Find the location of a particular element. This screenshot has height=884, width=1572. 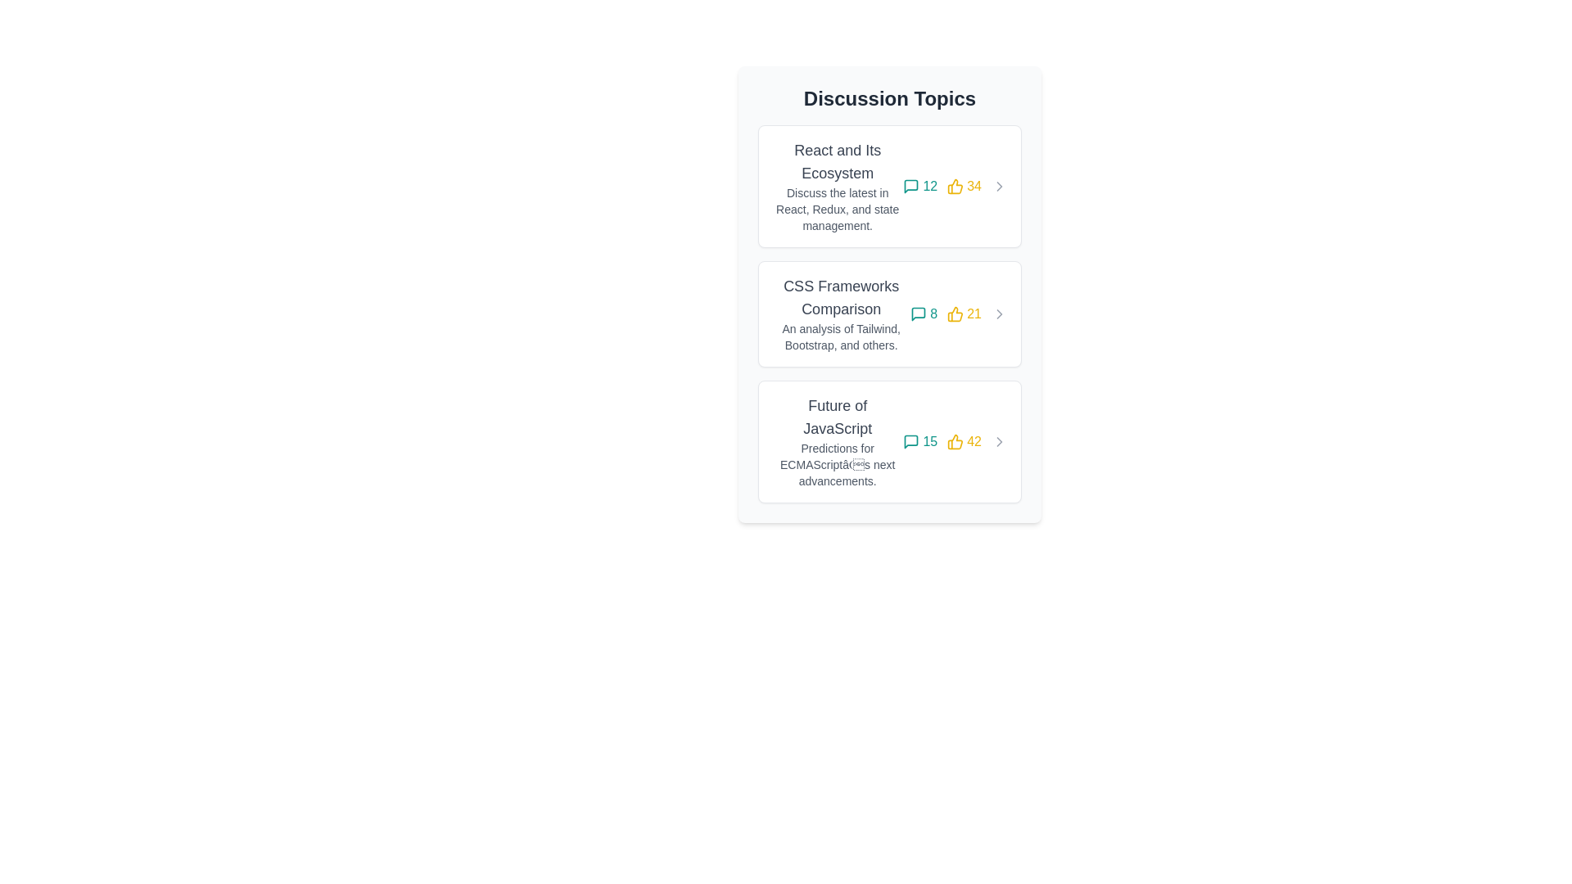

the speech bubble icon in the 'Future of JavaScript' section, which is outlined in teal and positioned to the left of the number '15' is located at coordinates (910, 442).